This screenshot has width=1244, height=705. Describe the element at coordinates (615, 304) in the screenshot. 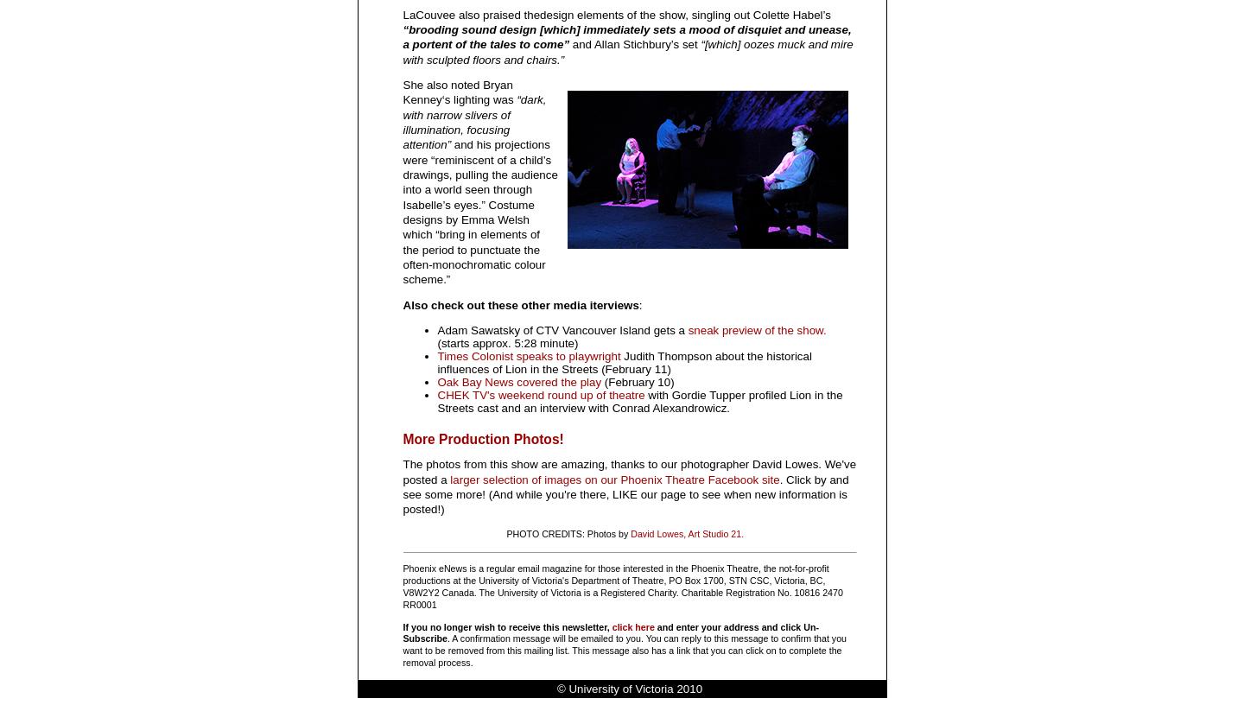

I see `'terviews'` at that location.